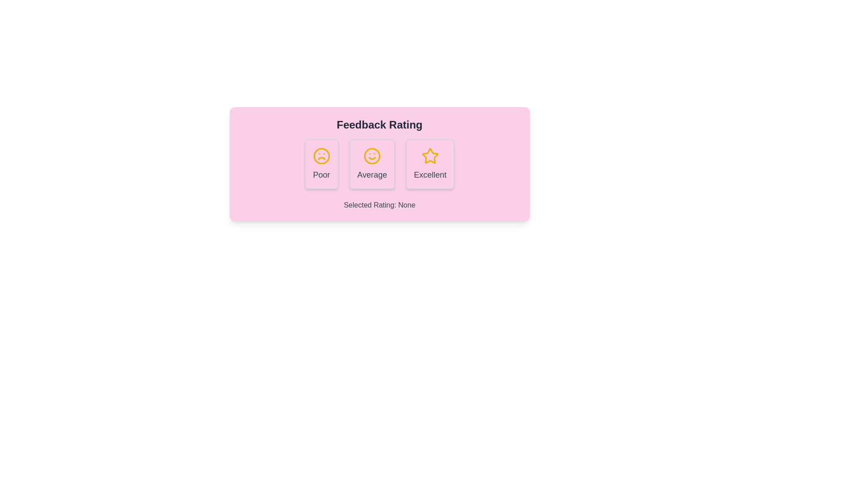  What do you see at coordinates (372, 156) in the screenshot?
I see `the yellow smiley face icon in the 'Average' rating selection` at bounding box center [372, 156].